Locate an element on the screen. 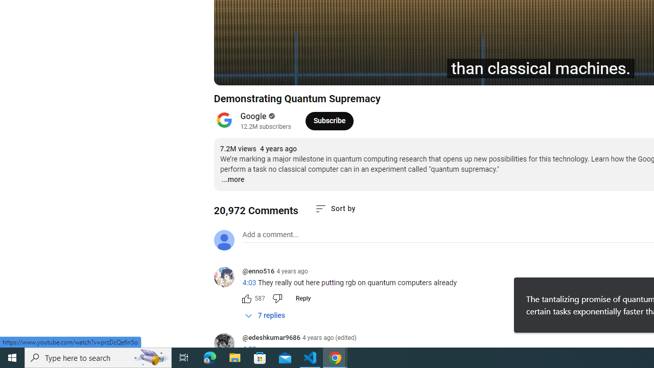 The image size is (654, 368). '4 years ago (edited)' is located at coordinates (329, 338).